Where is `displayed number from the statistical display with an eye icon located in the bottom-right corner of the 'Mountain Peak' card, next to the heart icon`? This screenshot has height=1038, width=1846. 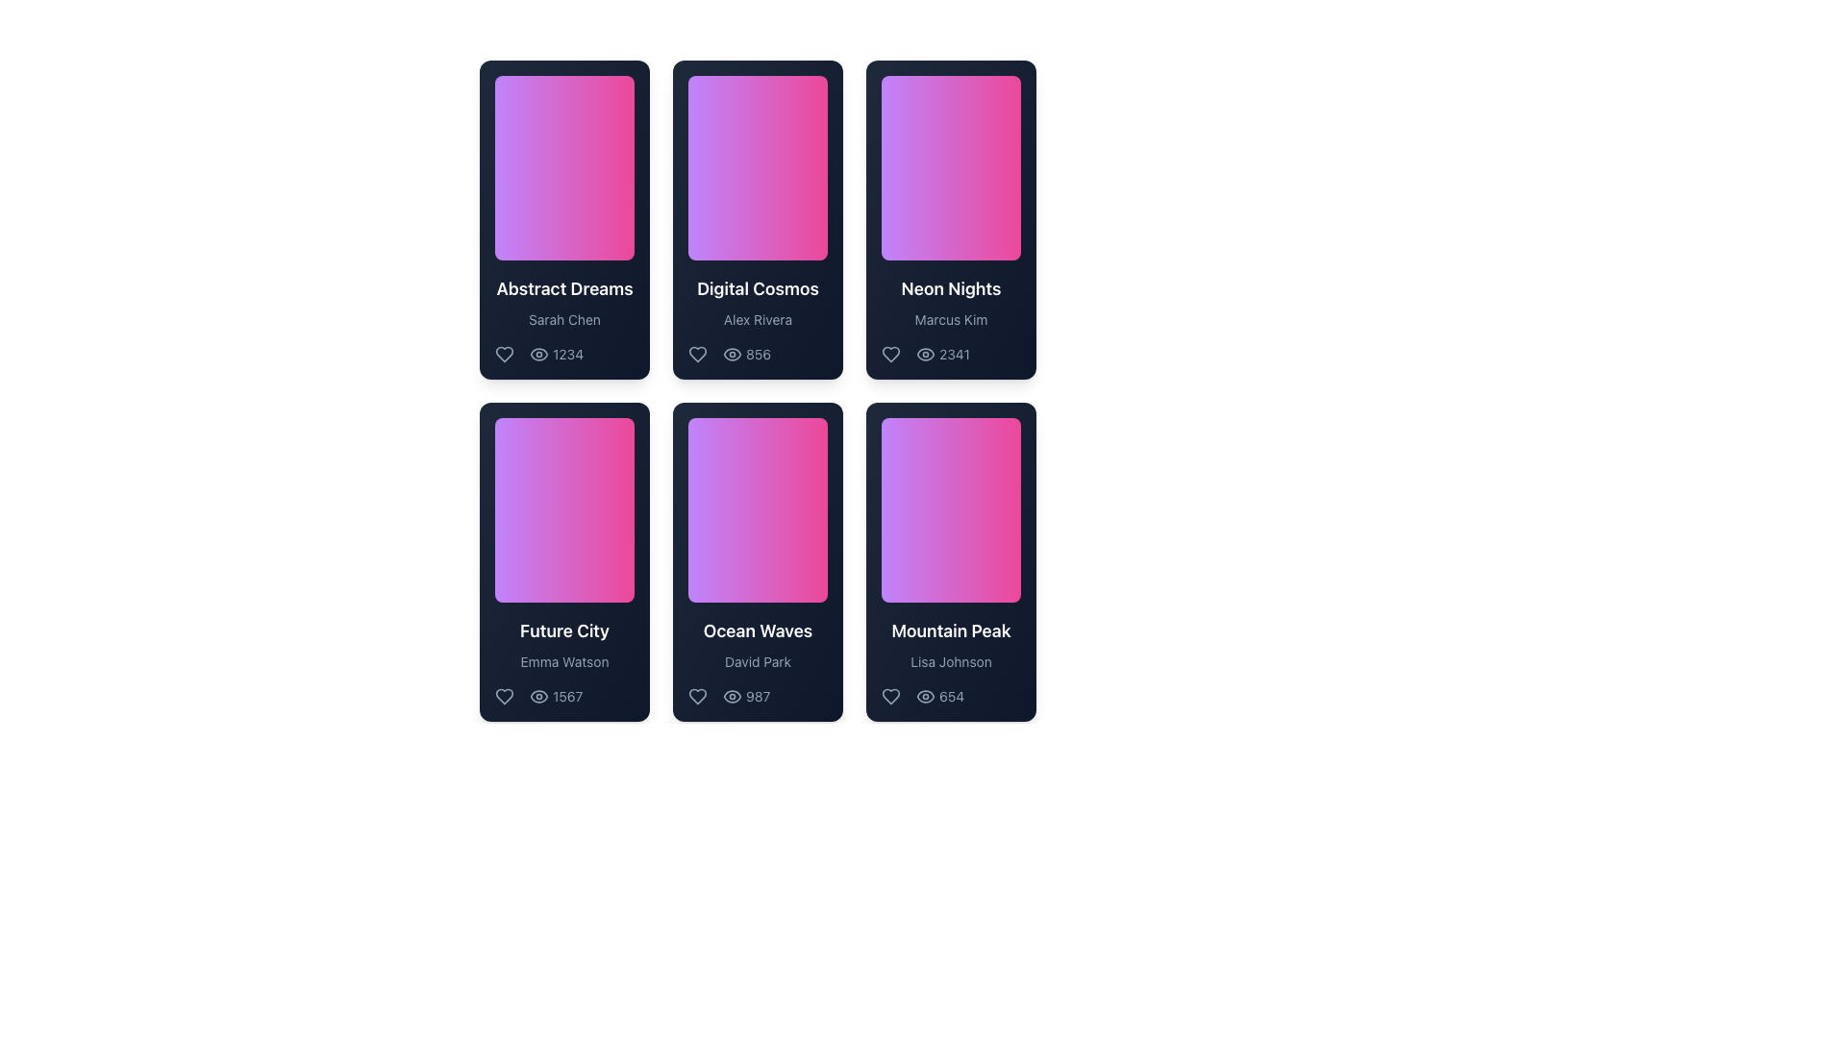
displayed number from the statistical display with an eye icon located in the bottom-right corner of the 'Mountain Peak' card, next to the heart icon is located at coordinates (923, 697).